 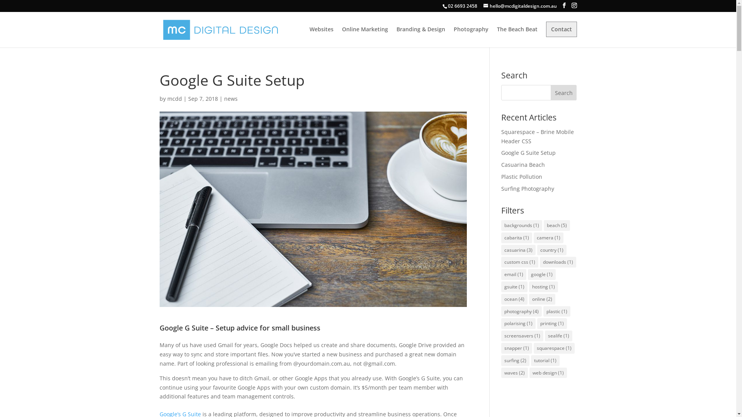 What do you see at coordinates (521, 225) in the screenshot?
I see `'backgrounds (1)'` at bounding box center [521, 225].